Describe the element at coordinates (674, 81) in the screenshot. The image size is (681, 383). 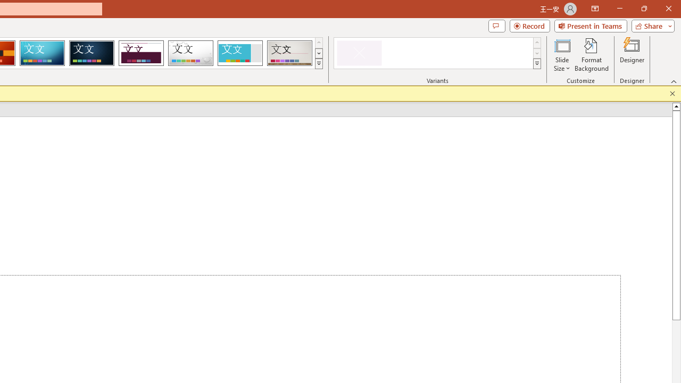
I see `'Collapse the Ribbon'` at that location.